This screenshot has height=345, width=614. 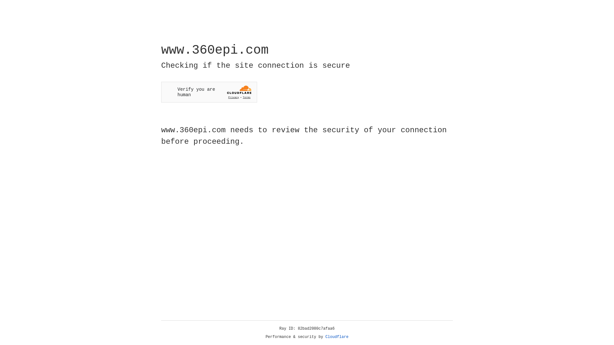 What do you see at coordinates (337, 337) in the screenshot?
I see `'Cloudflare'` at bounding box center [337, 337].